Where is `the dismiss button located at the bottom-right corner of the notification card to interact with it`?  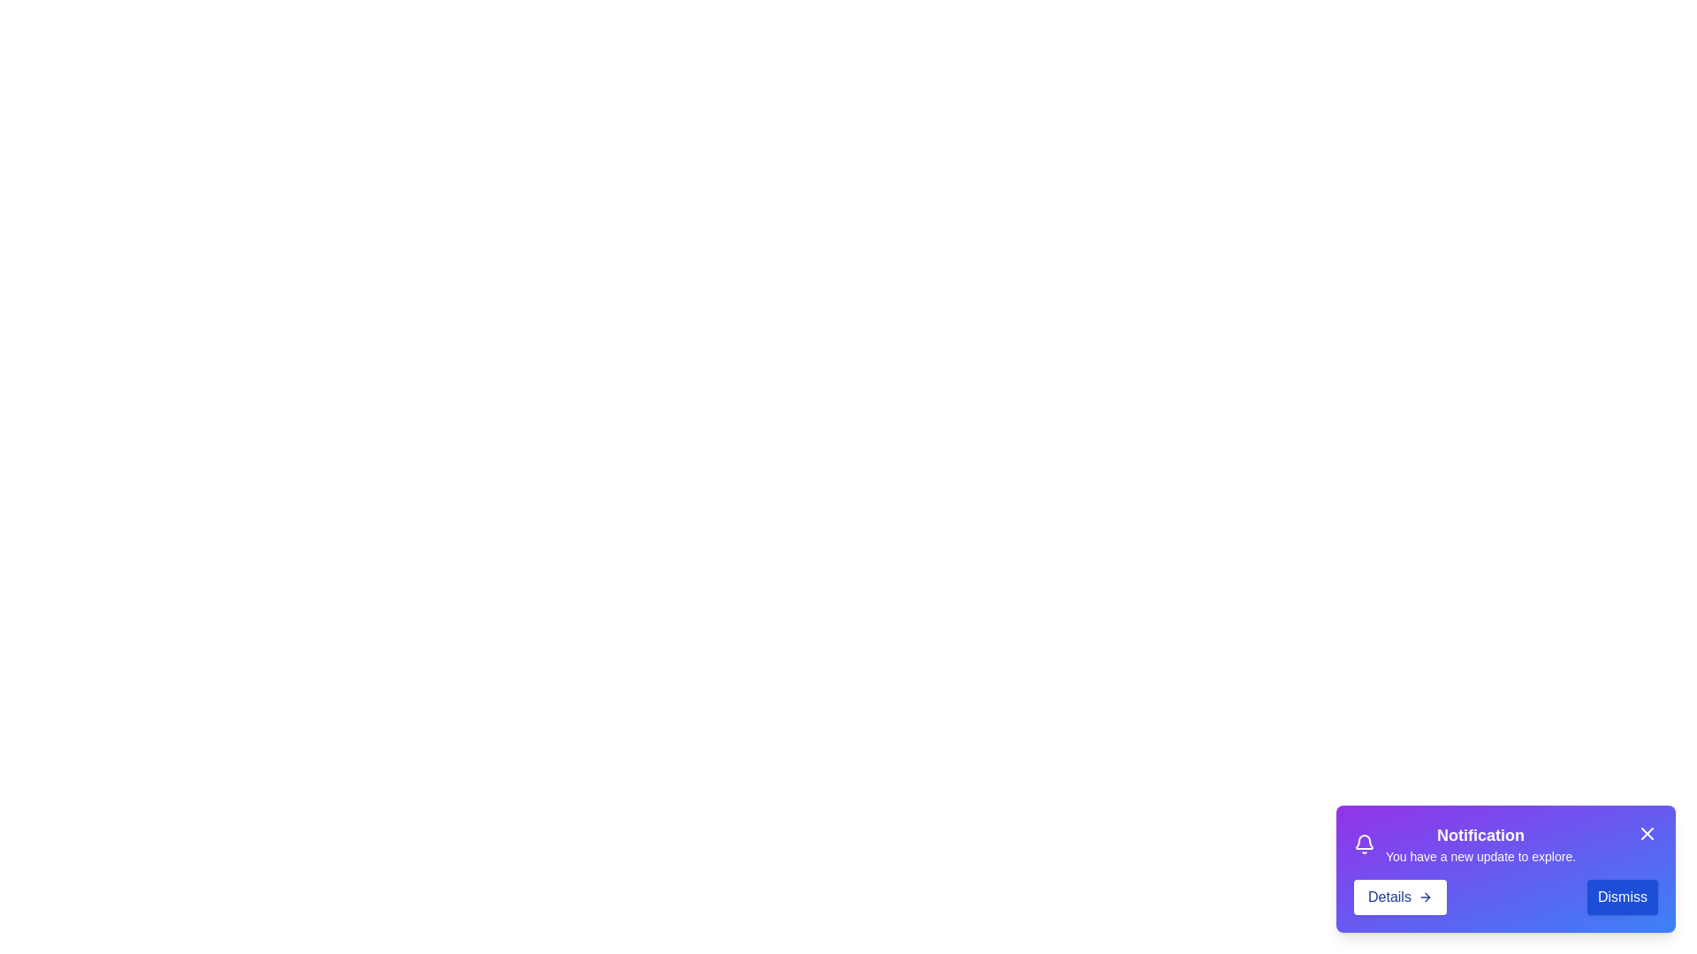 the dismiss button located at the bottom-right corner of the notification card to interact with it is located at coordinates (1623, 897).